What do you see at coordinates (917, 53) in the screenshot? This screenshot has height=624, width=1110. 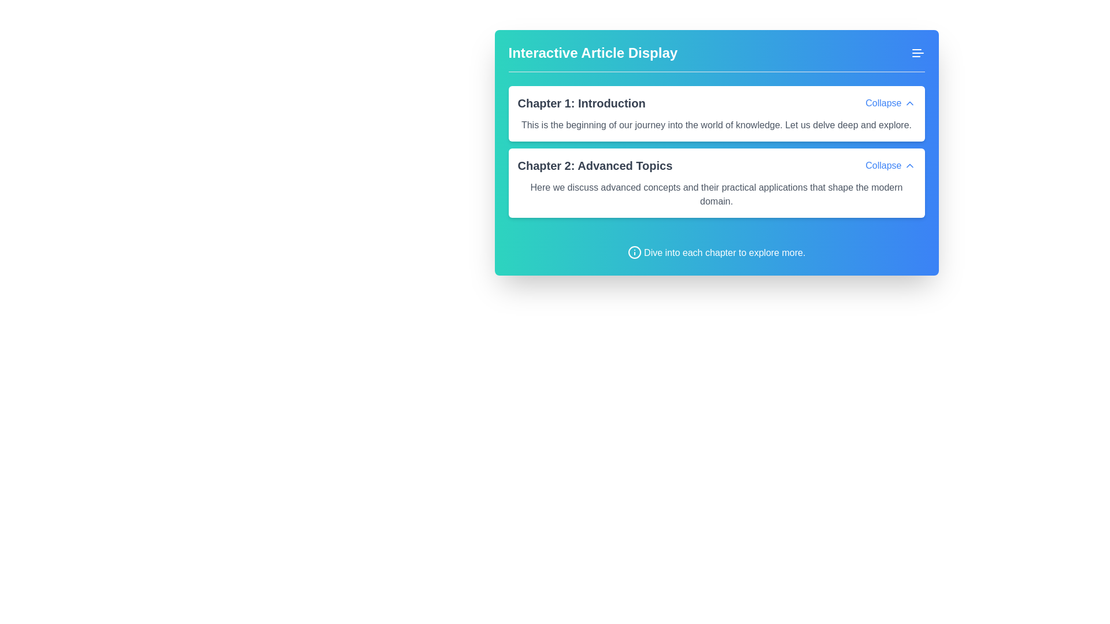 I see `the menu toggle icon located at the top-right corner of the blue header area of the 'Interactive Article Display'` at bounding box center [917, 53].